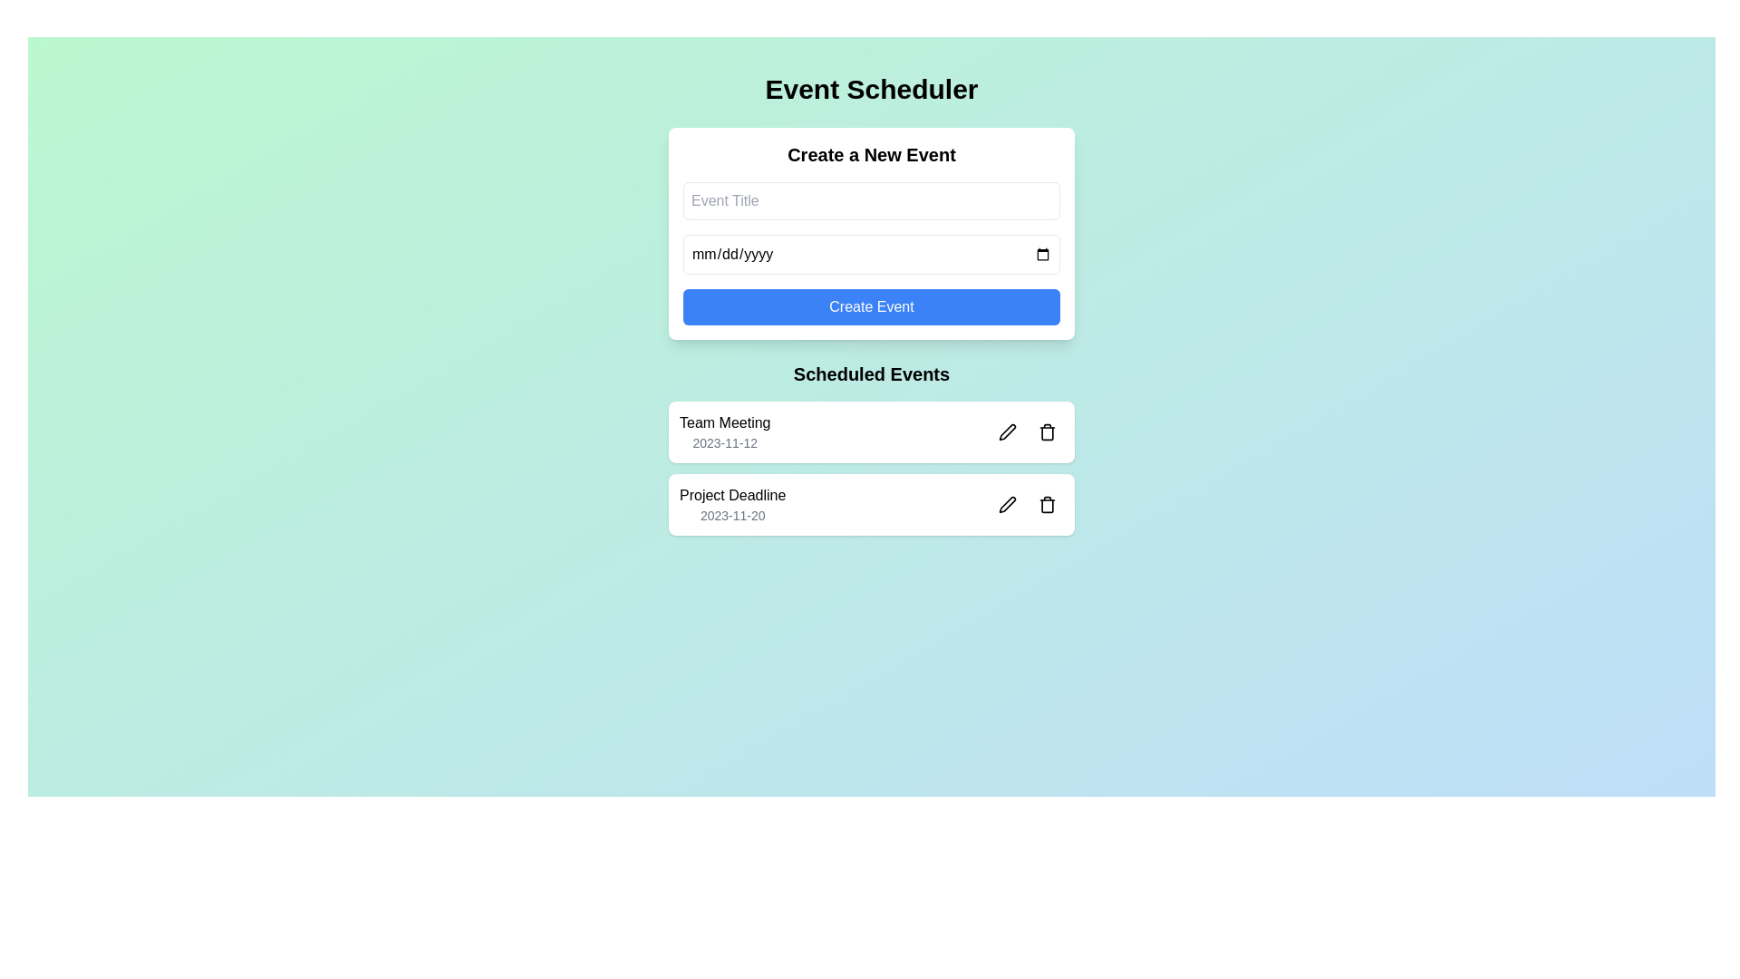 This screenshot has width=1740, height=979. Describe the element at coordinates (1048, 432) in the screenshot. I see `the trash bin icon button located at the lower right corner of the second scheduled event row` at that location.